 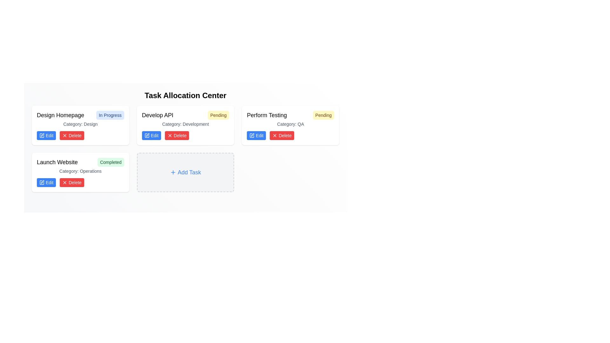 I want to click on informative text label indicating the task category 'Development' located in the 'Develop API' task card, positioned below the task's title and status, so click(x=185, y=124).